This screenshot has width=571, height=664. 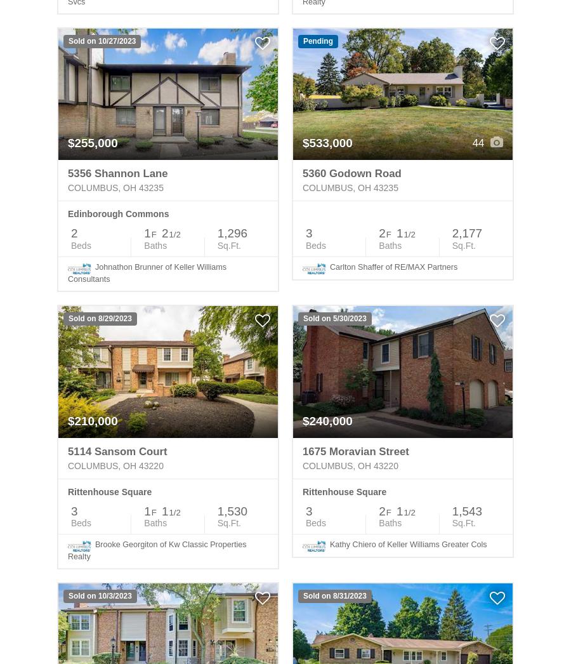 I want to click on 'Sold  on 5/30/2023', so click(x=334, y=318).